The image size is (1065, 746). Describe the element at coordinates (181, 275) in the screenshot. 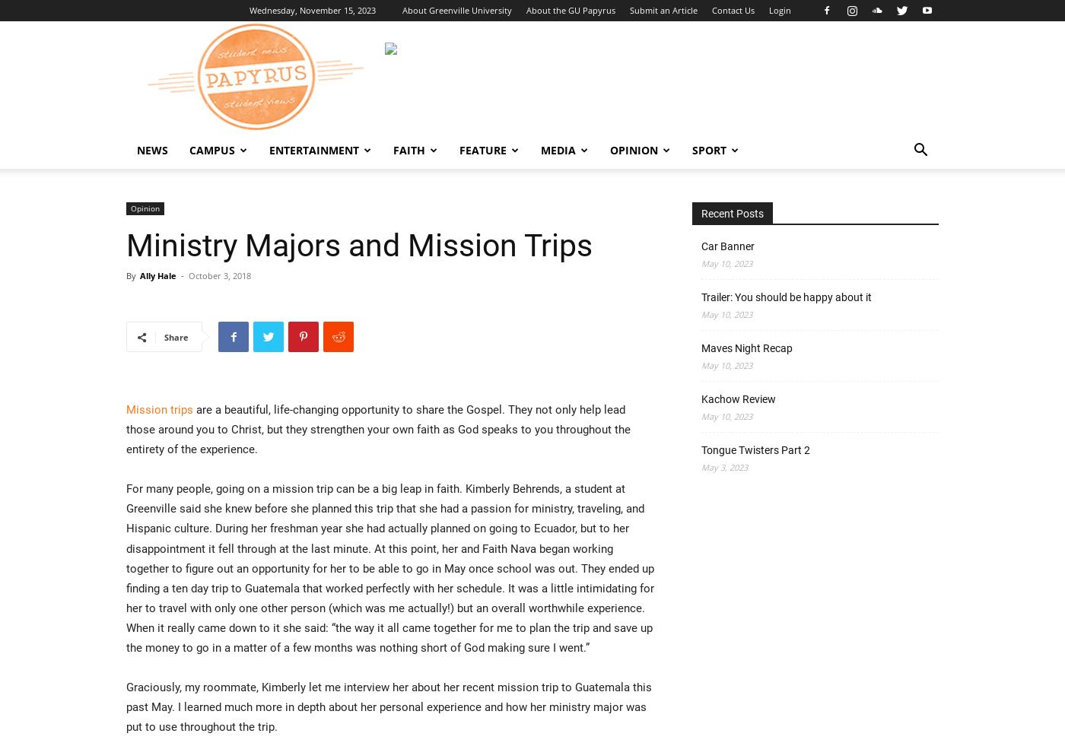

I see `'-'` at that location.